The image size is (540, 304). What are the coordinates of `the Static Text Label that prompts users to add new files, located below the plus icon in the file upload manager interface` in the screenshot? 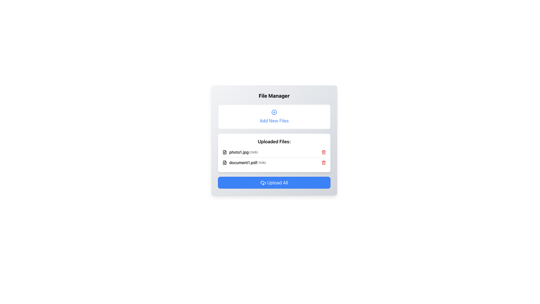 It's located at (274, 120).